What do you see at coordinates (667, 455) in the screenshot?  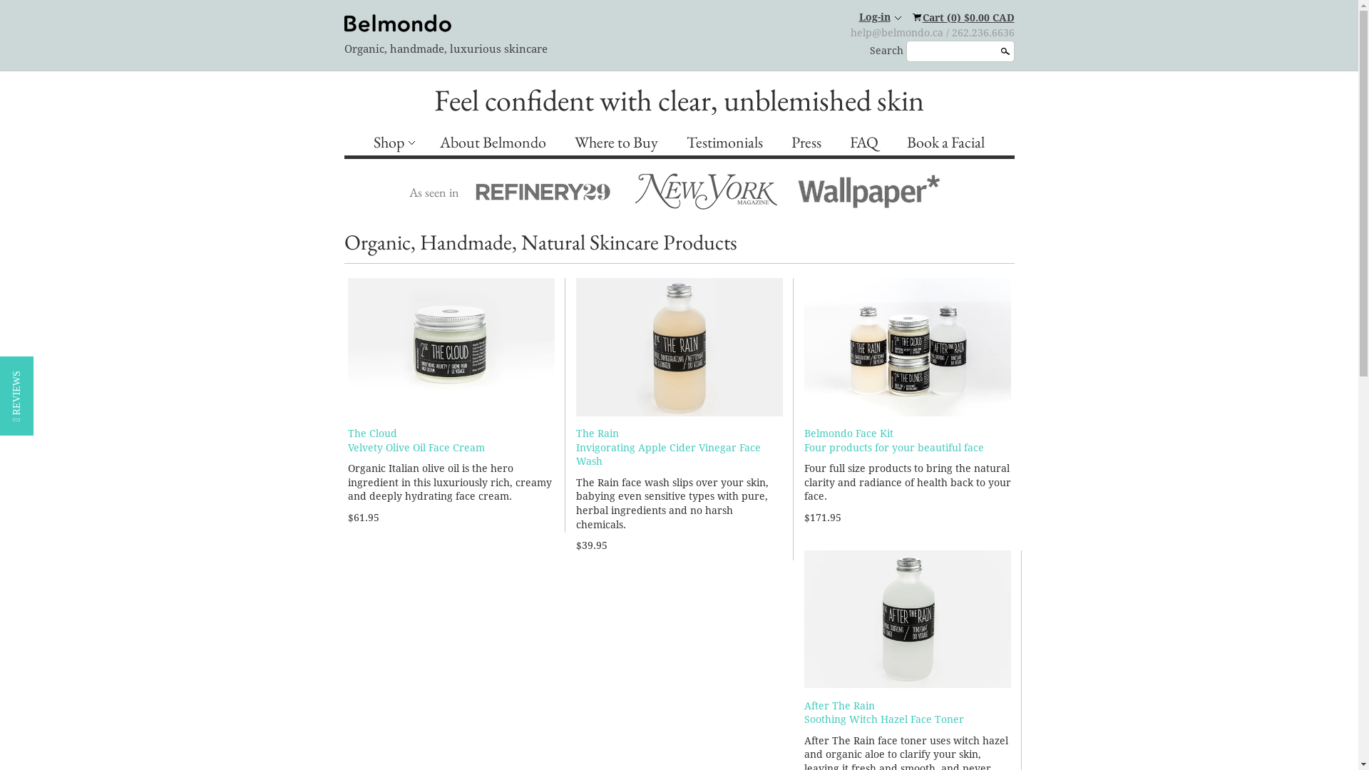 I see `'Invigorating Apple Cider Vinegar Face Wash'` at bounding box center [667, 455].